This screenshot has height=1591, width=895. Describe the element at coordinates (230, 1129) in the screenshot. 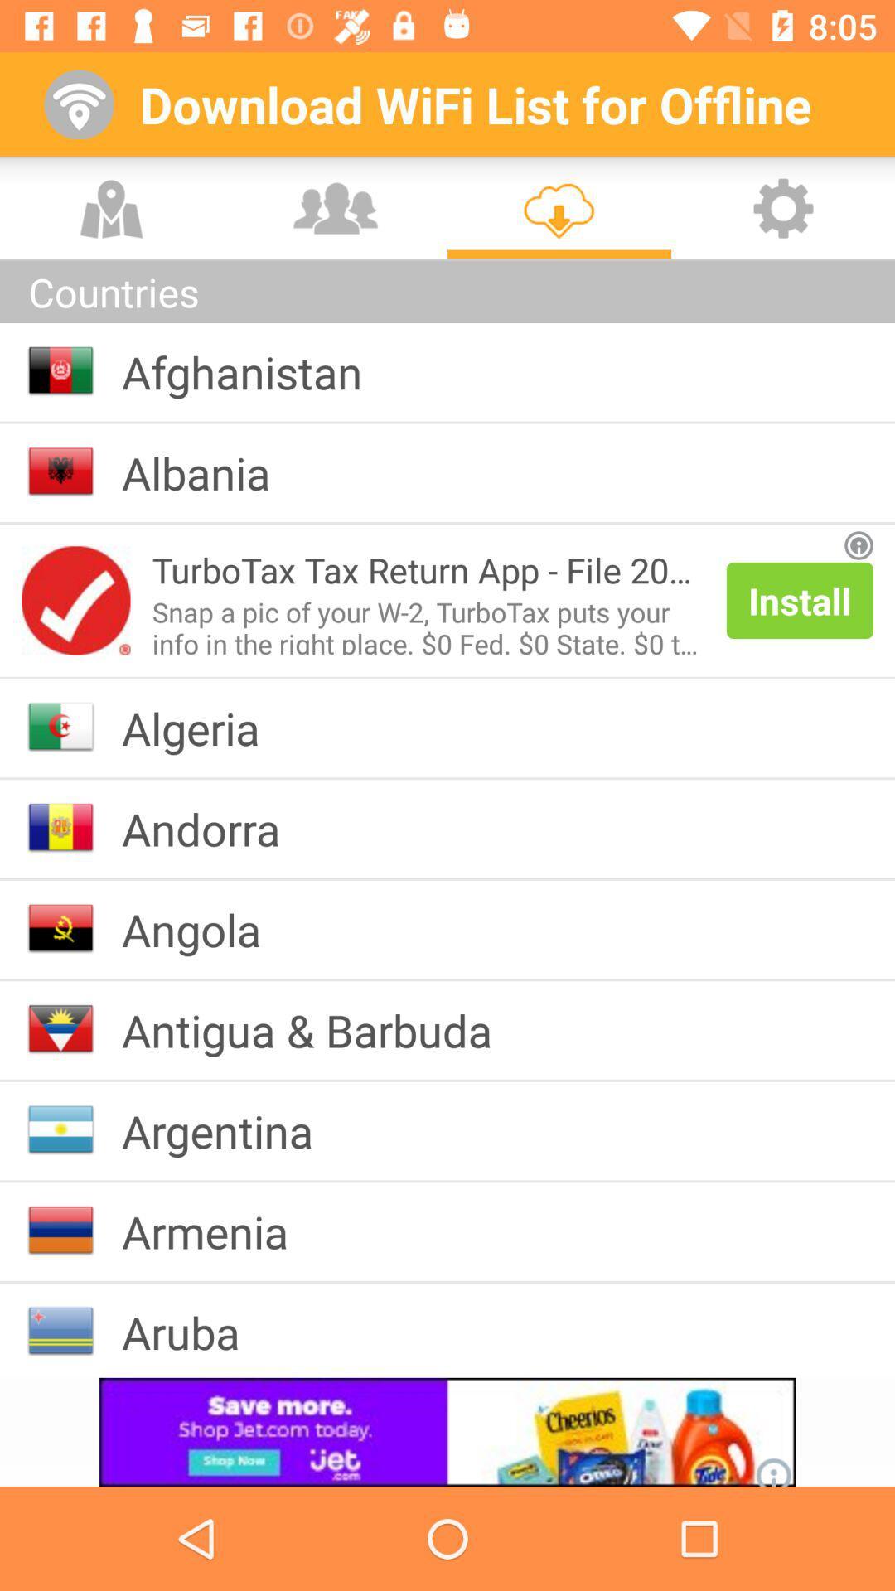

I see `argentina app` at that location.